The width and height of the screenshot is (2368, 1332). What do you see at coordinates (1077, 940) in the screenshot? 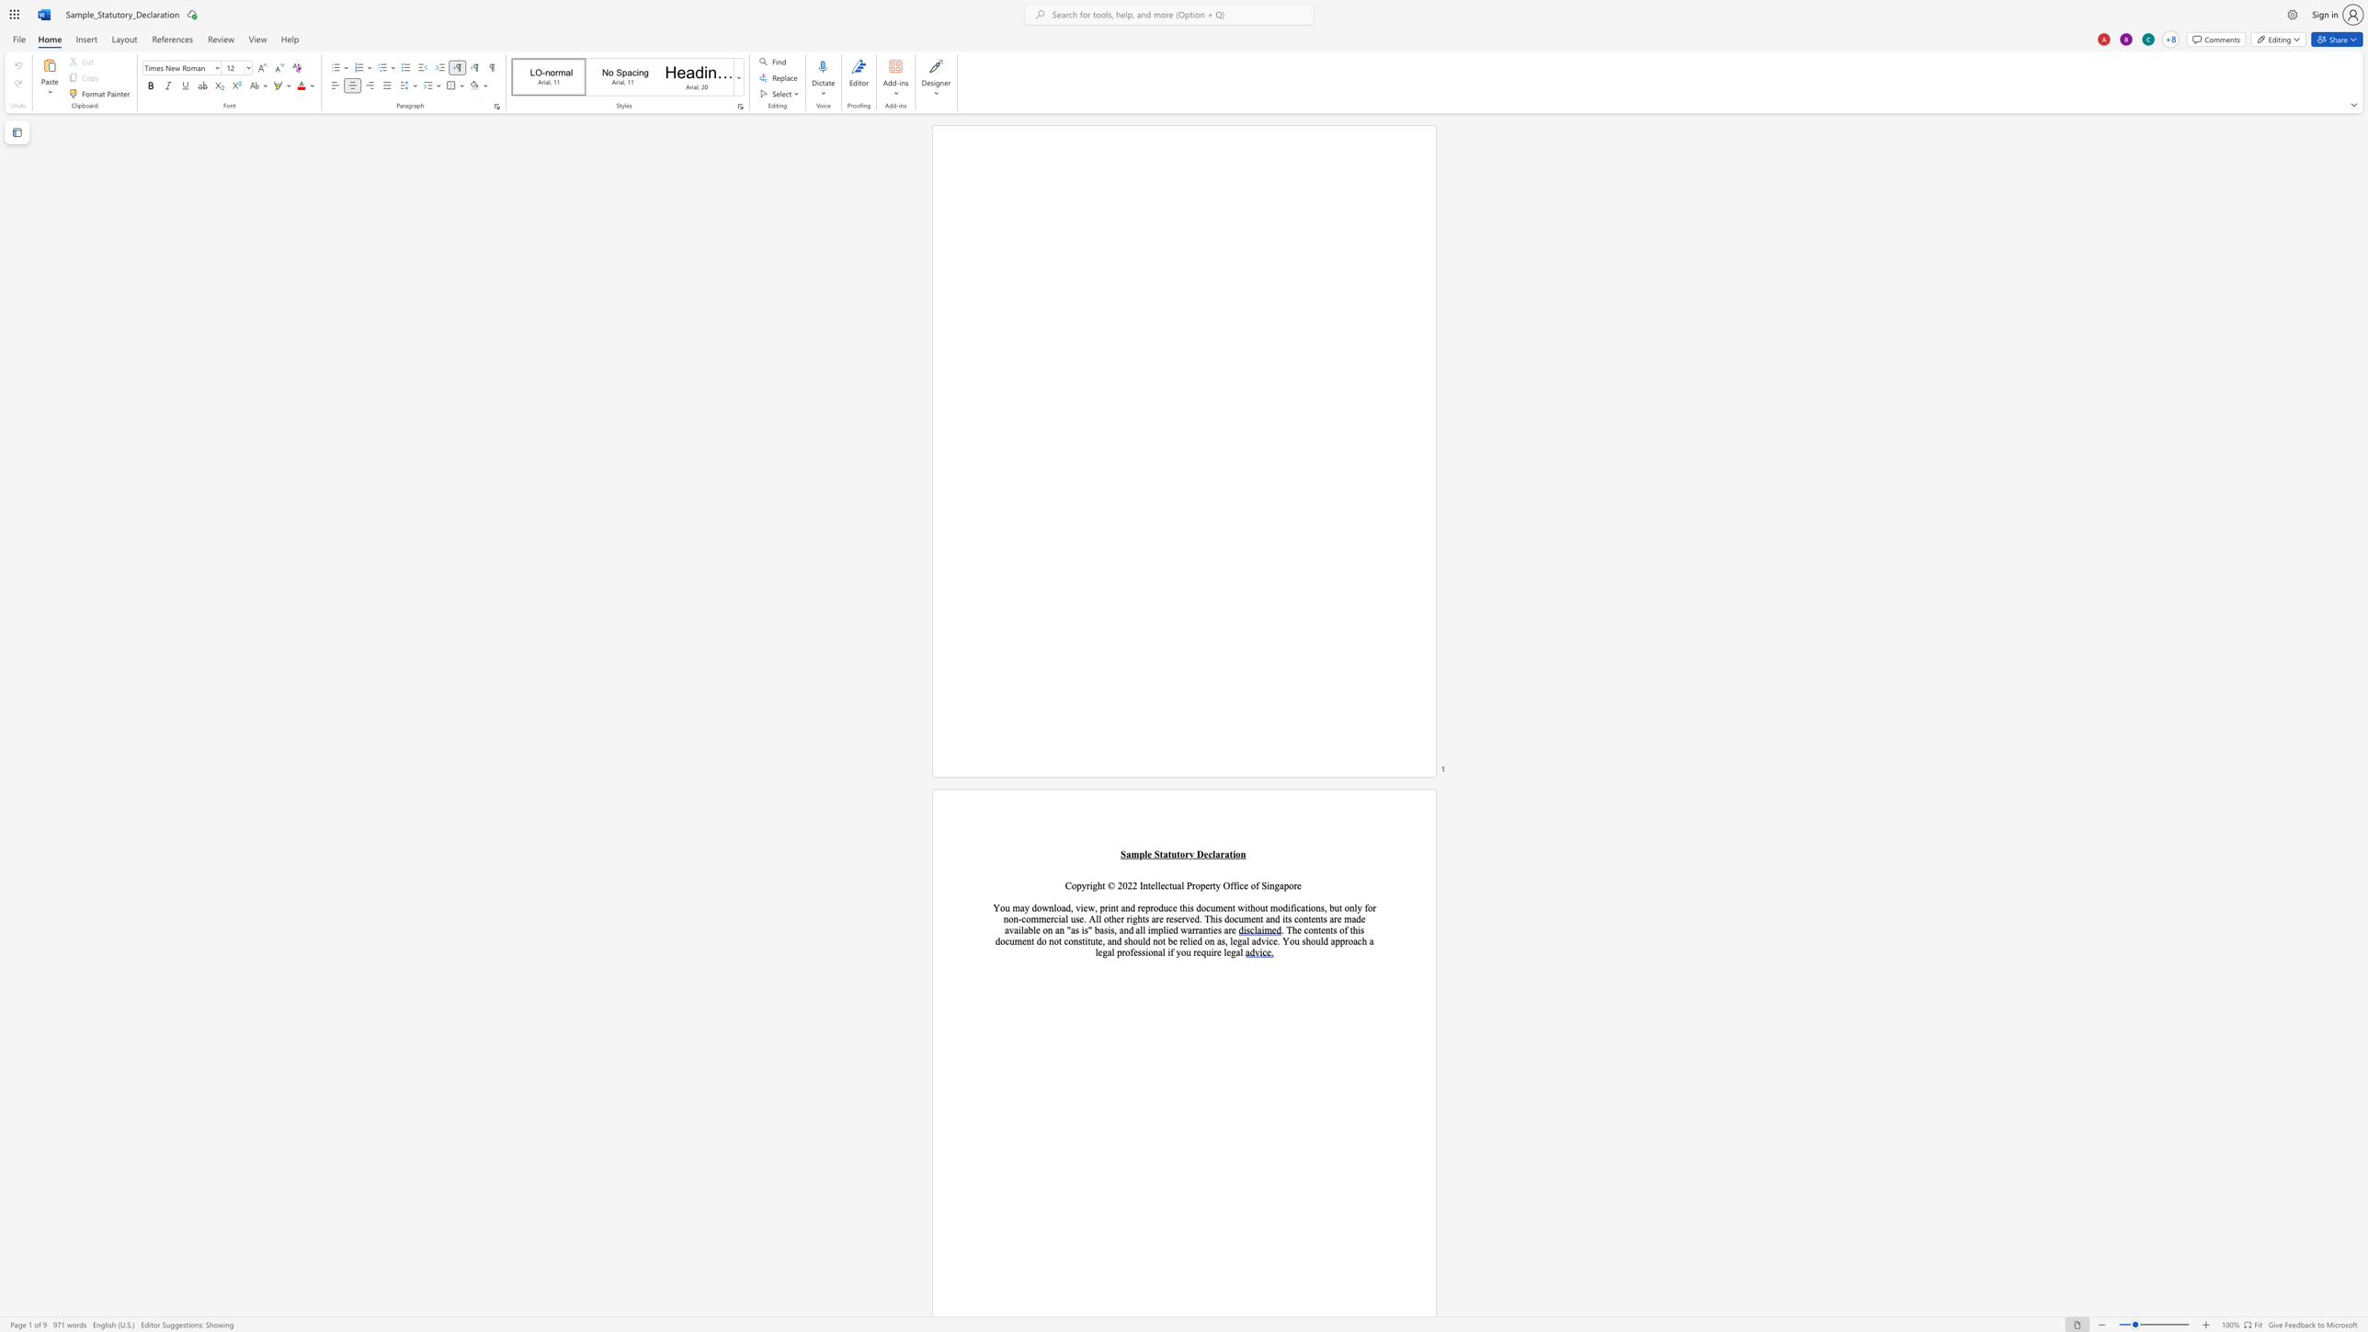
I see `the space between the continuous character "n" and "s" in the text` at bounding box center [1077, 940].